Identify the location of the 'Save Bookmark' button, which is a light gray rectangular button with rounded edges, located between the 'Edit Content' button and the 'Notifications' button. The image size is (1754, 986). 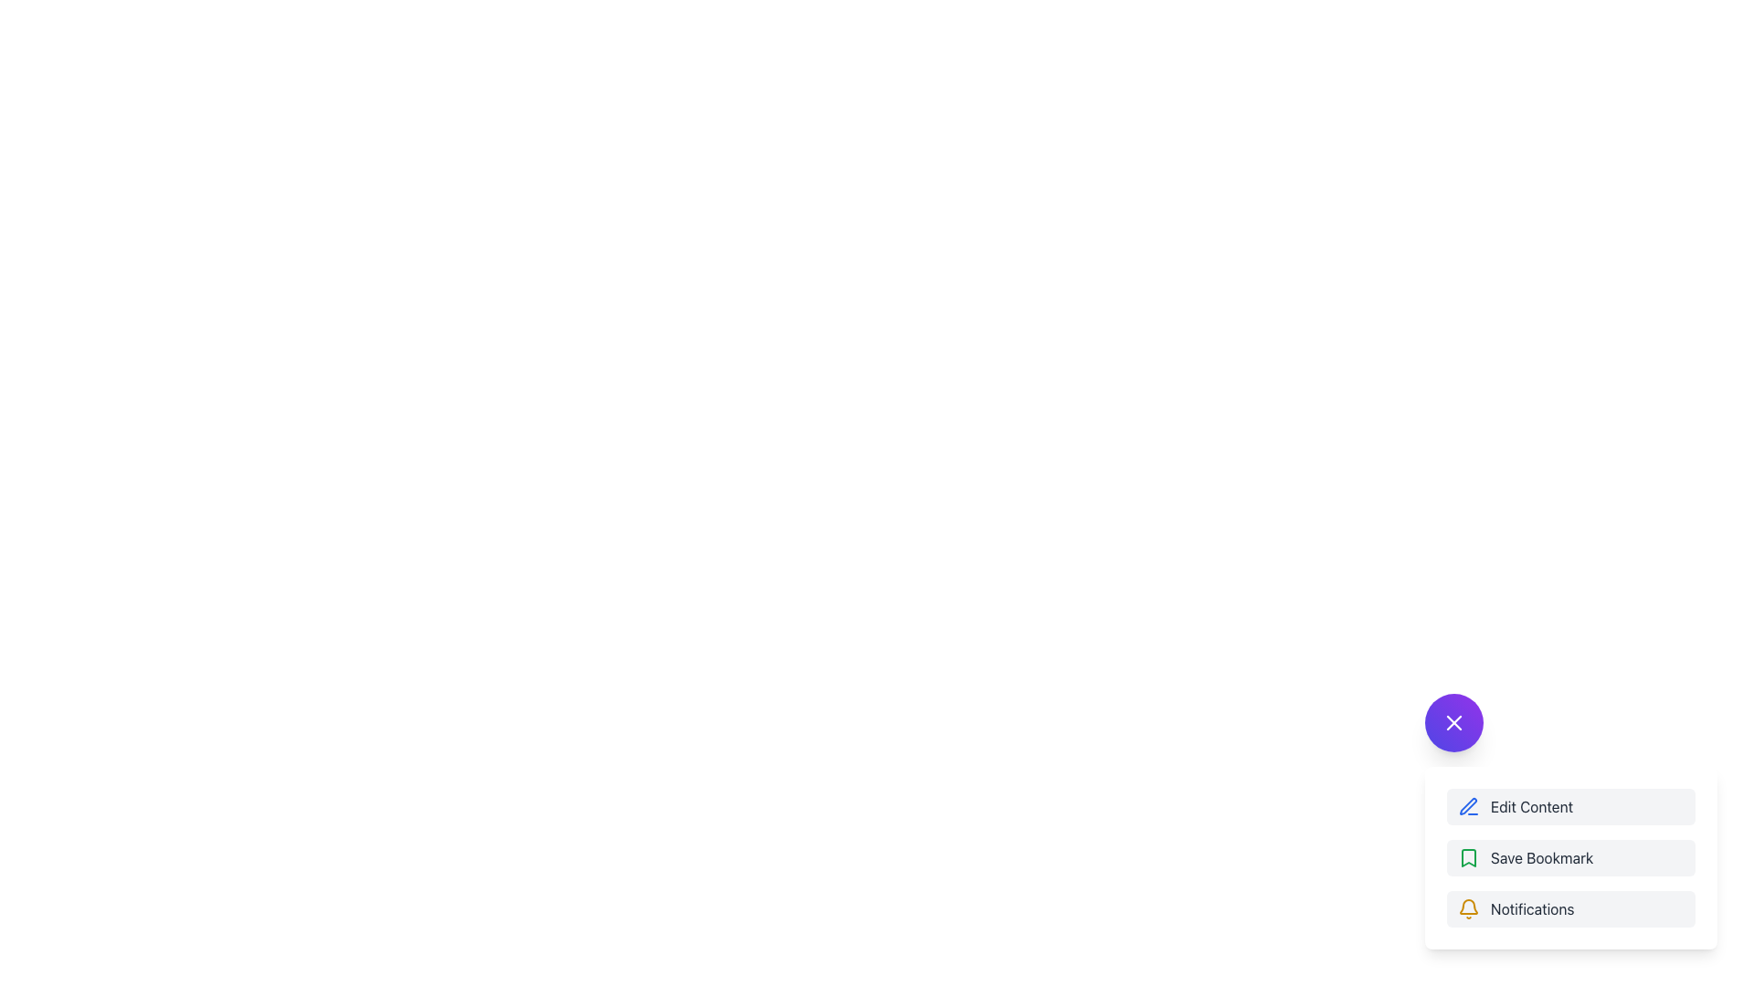
(1569, 858).